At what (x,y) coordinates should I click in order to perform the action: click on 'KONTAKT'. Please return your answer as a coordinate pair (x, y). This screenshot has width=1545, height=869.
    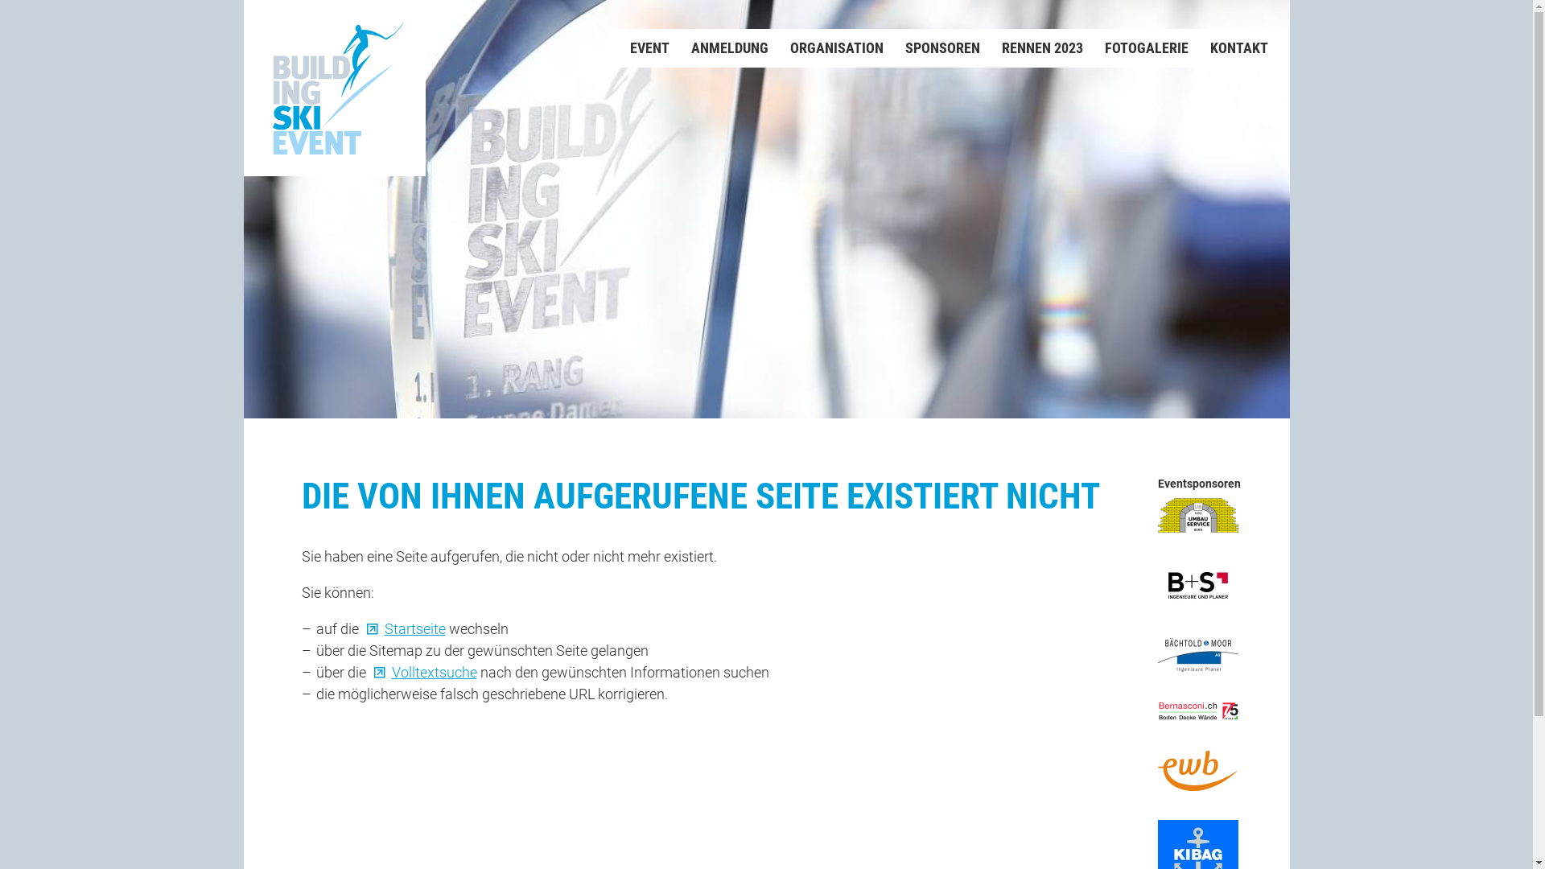
    Looking at the image, I should click on (1226, 47).